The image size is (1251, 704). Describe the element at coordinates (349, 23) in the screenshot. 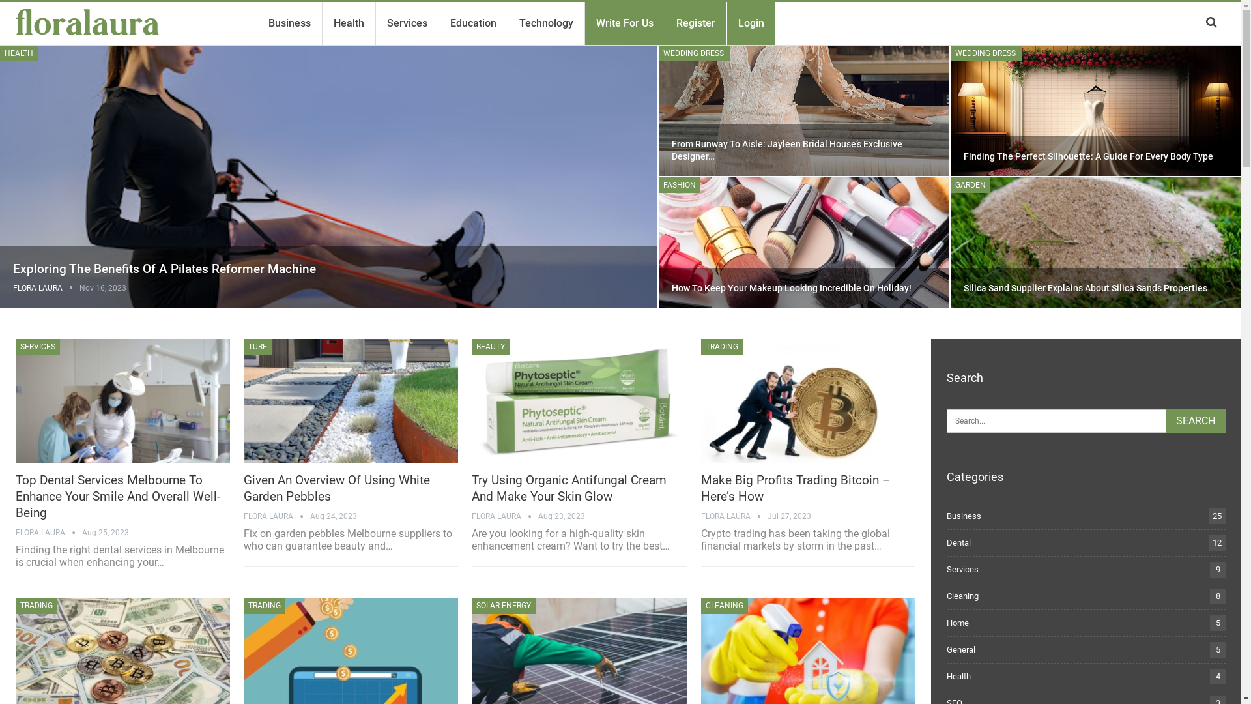

I see `'Health'` at that location.